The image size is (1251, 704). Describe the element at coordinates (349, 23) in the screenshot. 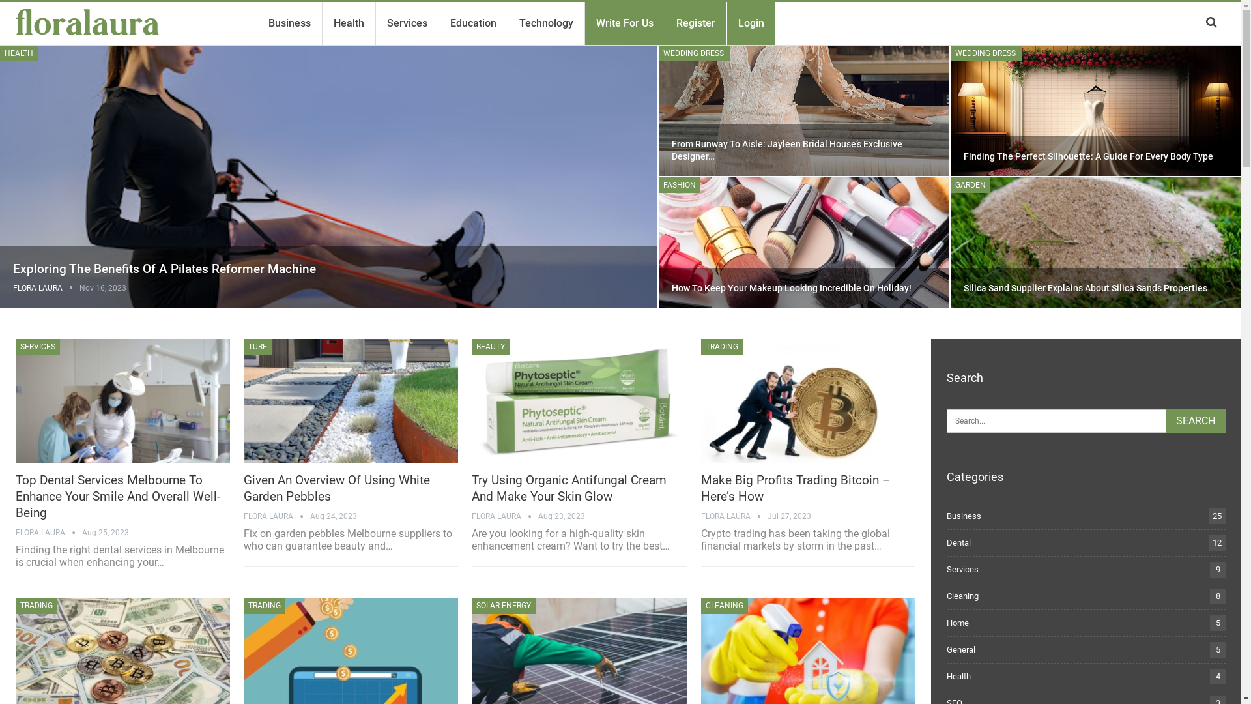

I see `'Health'` at that location.